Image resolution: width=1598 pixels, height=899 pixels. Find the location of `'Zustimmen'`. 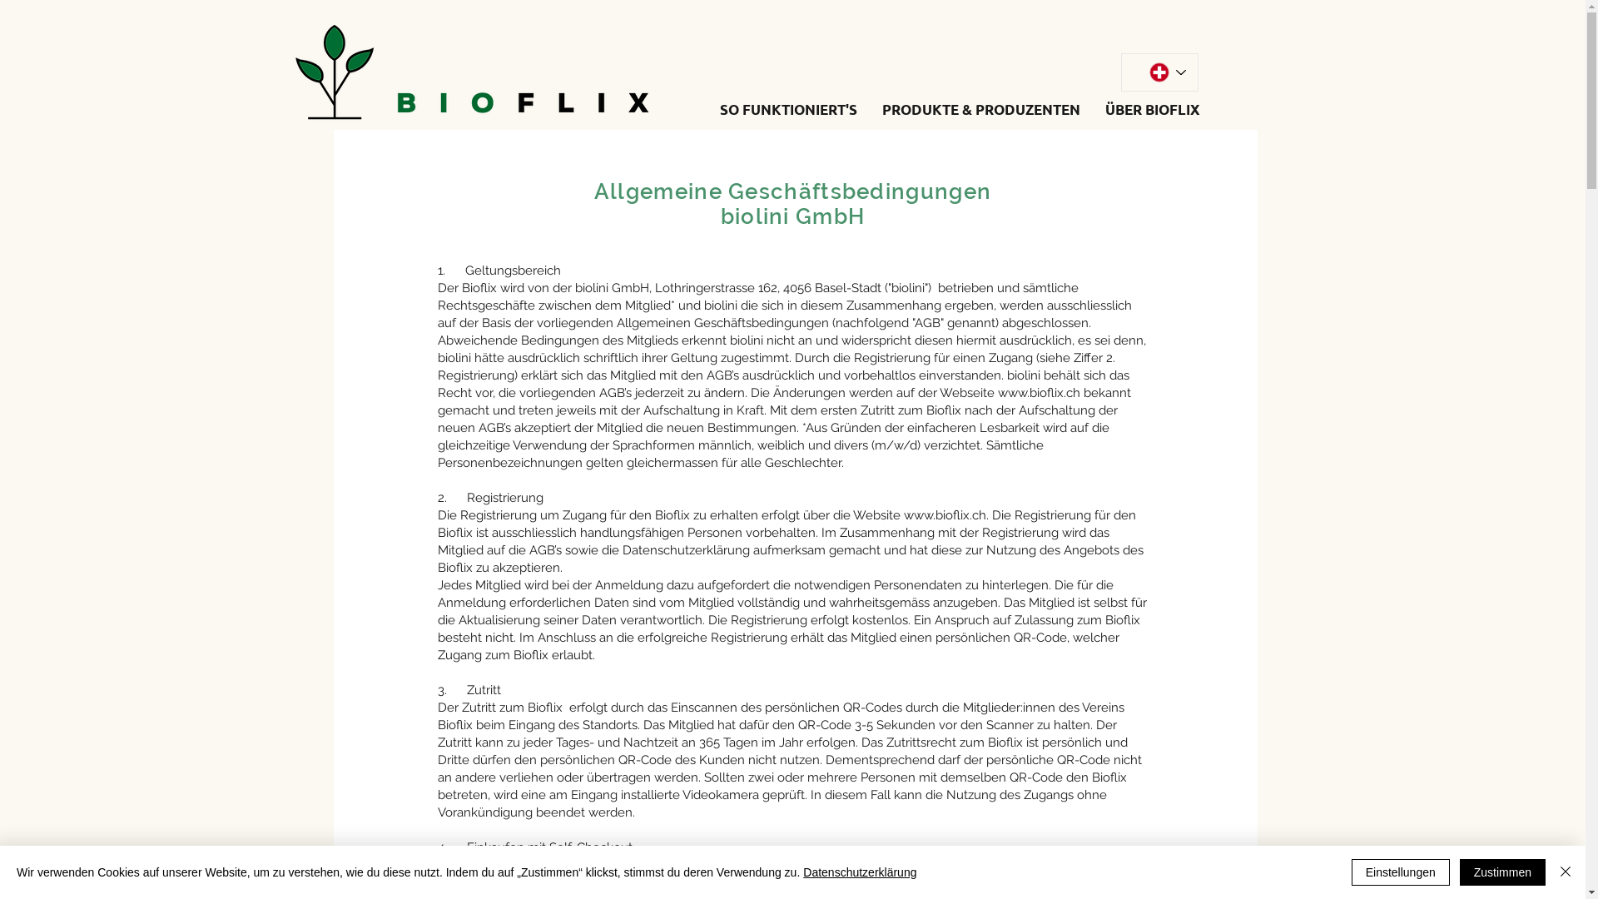

'Zustimmen' is located at coordinates (1502, 872).